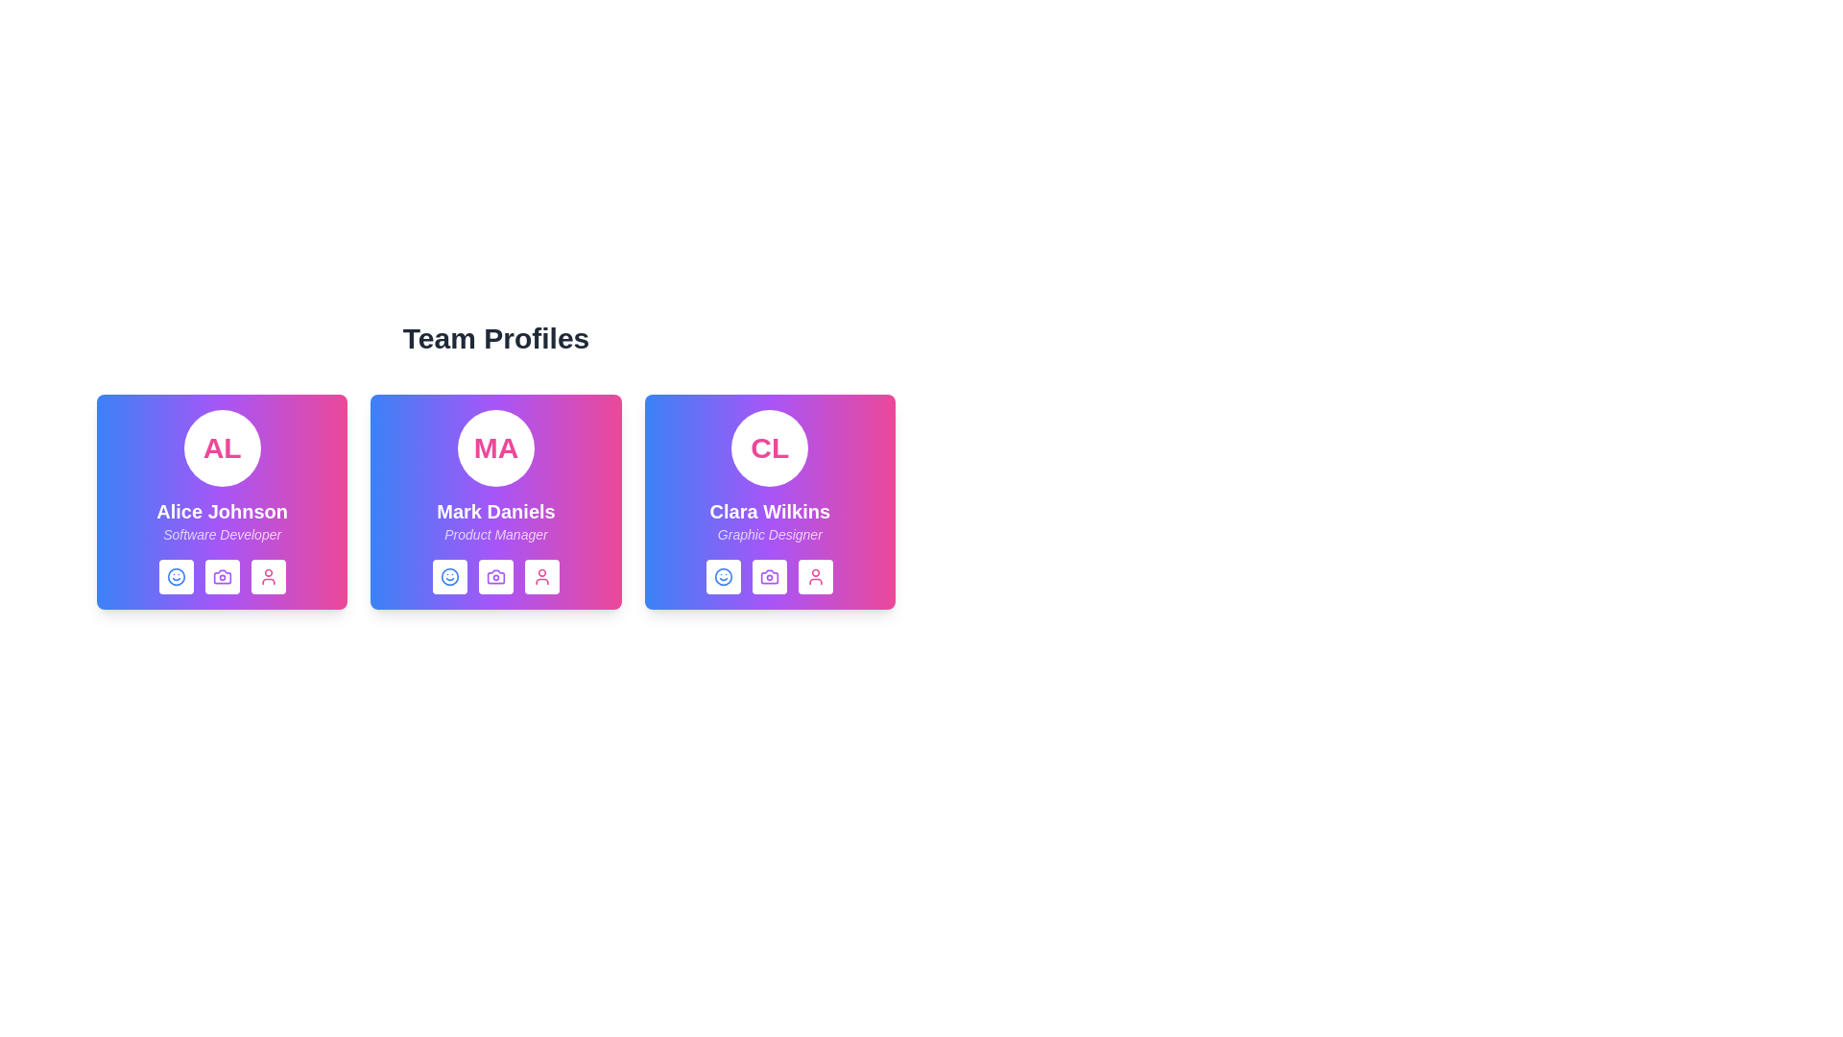  Describe the element at coordinates (222, 501) in the screenshot. I see `the Profile card displaying 'AL' in bold pink text, which features a gradient background from blue to pink` at that location.